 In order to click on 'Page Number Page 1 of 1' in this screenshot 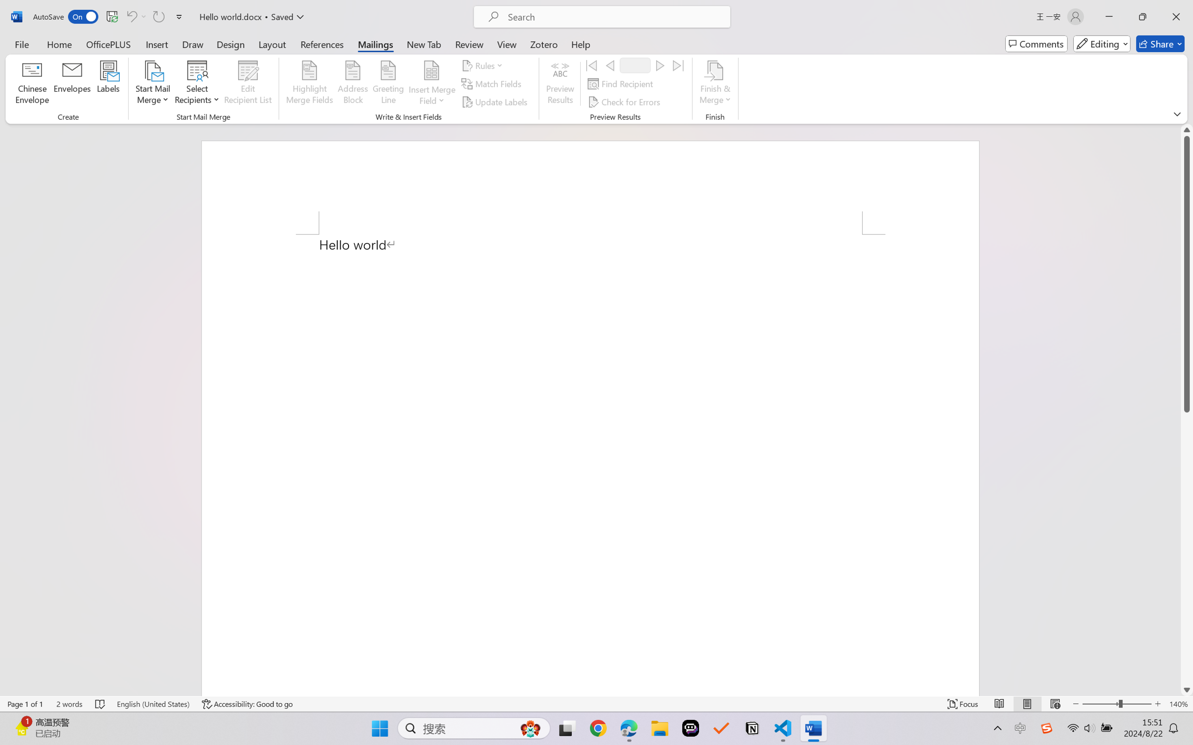, I will do `click(26, 704)`.